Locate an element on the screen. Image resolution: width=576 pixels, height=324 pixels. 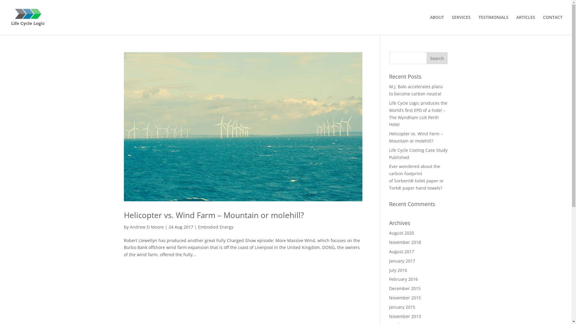
'Life Cycle Costing Case Study Published' is located at coordinates (418, 153).